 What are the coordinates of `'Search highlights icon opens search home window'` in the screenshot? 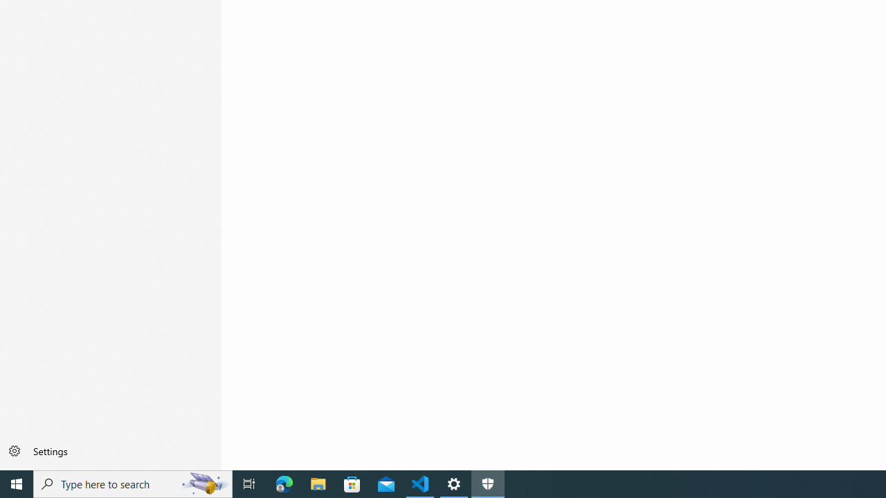 It's located at (204, 483).